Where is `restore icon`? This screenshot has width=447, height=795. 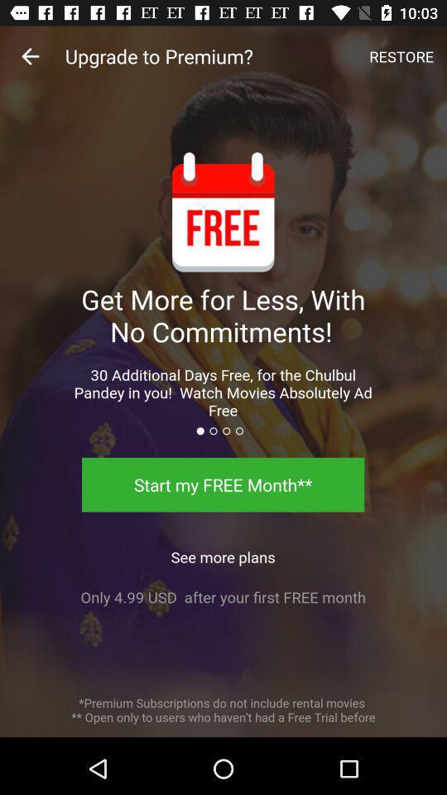 restore icon is located at coordinates (401, 56).